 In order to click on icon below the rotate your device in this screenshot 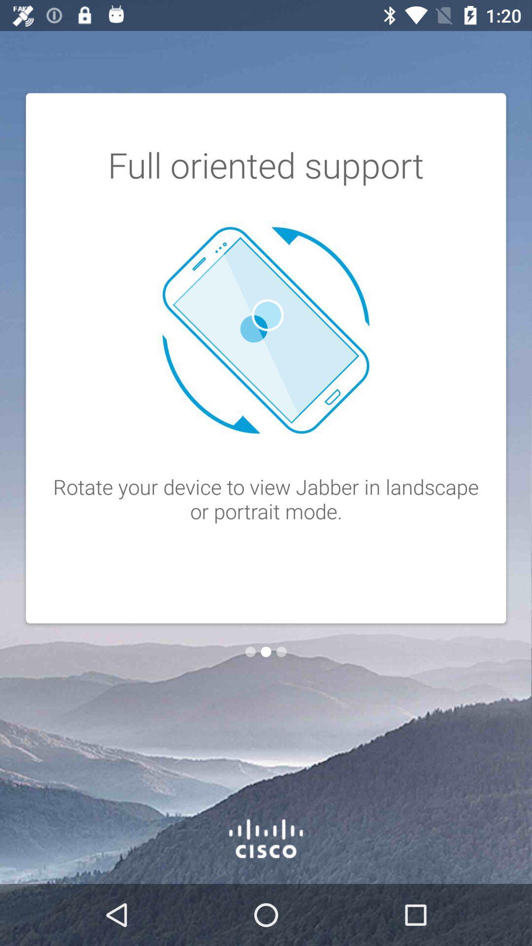, I will do `click(266, 652)`.